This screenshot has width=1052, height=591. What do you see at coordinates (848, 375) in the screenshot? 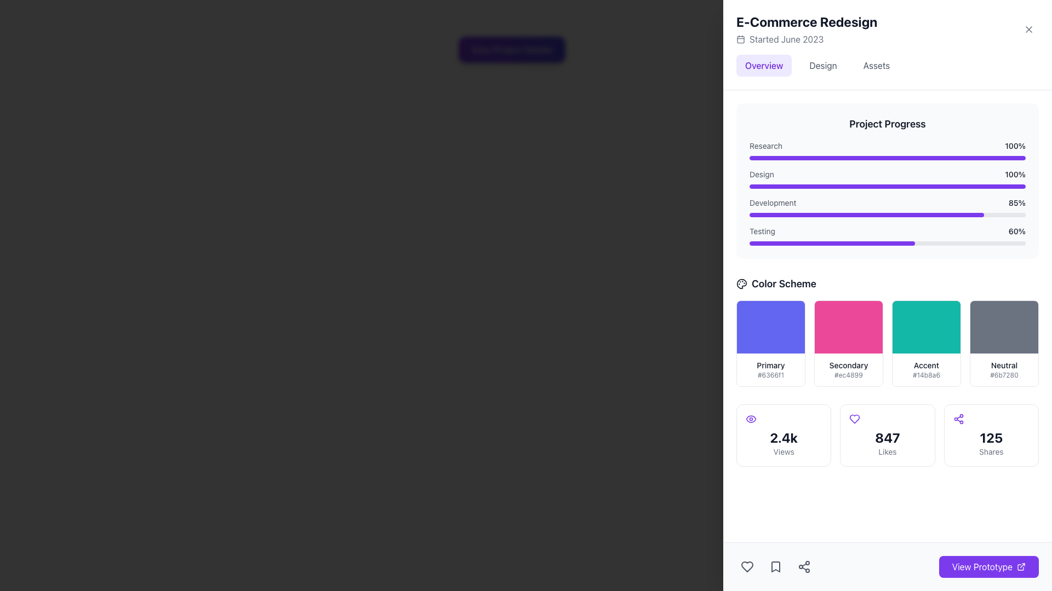
I see `the text label displaying the color code '#ec4899' located below the 'Secondary' label in the 'Color Scheme' section` at bounding box center [848, 375].